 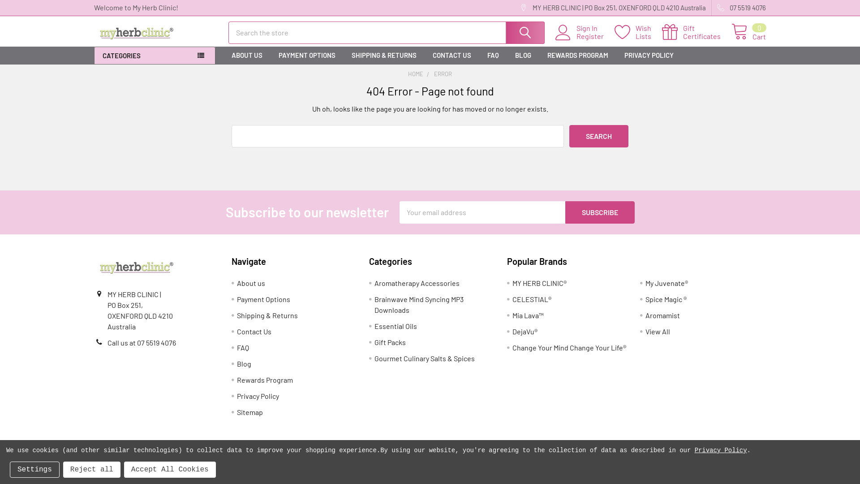 What do you see at coordinates (649, 55) in the screenshot?
I see `'PRIVACY POLICY'` at bounding box center [649, 55].